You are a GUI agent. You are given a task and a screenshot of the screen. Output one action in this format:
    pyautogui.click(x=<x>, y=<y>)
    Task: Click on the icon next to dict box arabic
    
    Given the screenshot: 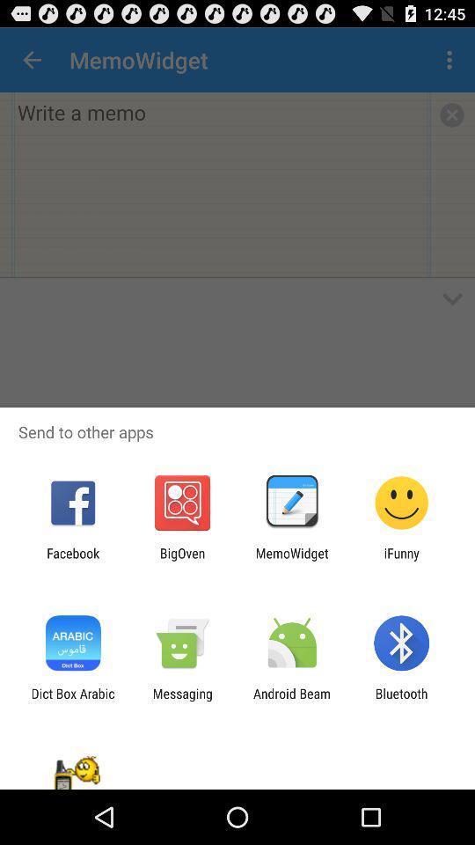 What is the action you would take?
    pyautogui.click(x=181, y=701)
    